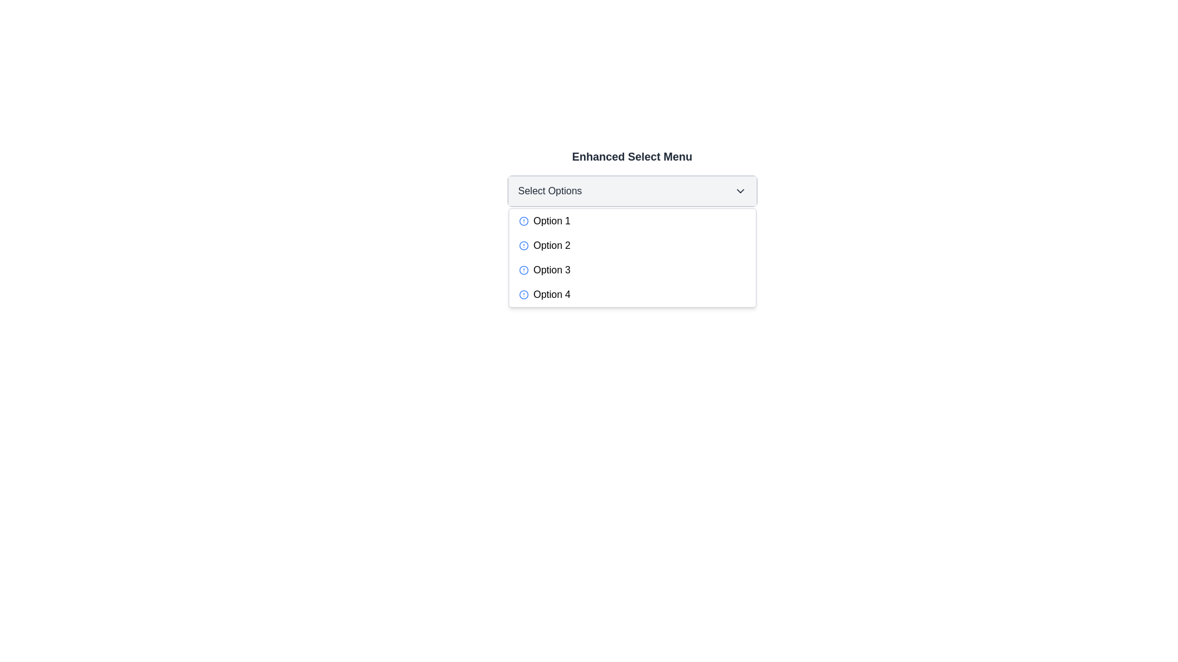  What do you see at coordinates (523, 269) in the screenshot?
I see `the circular information icon with a blue border and blue dot located in the dropdown menu under 'Option 3'` at bounding box center [523, 269].